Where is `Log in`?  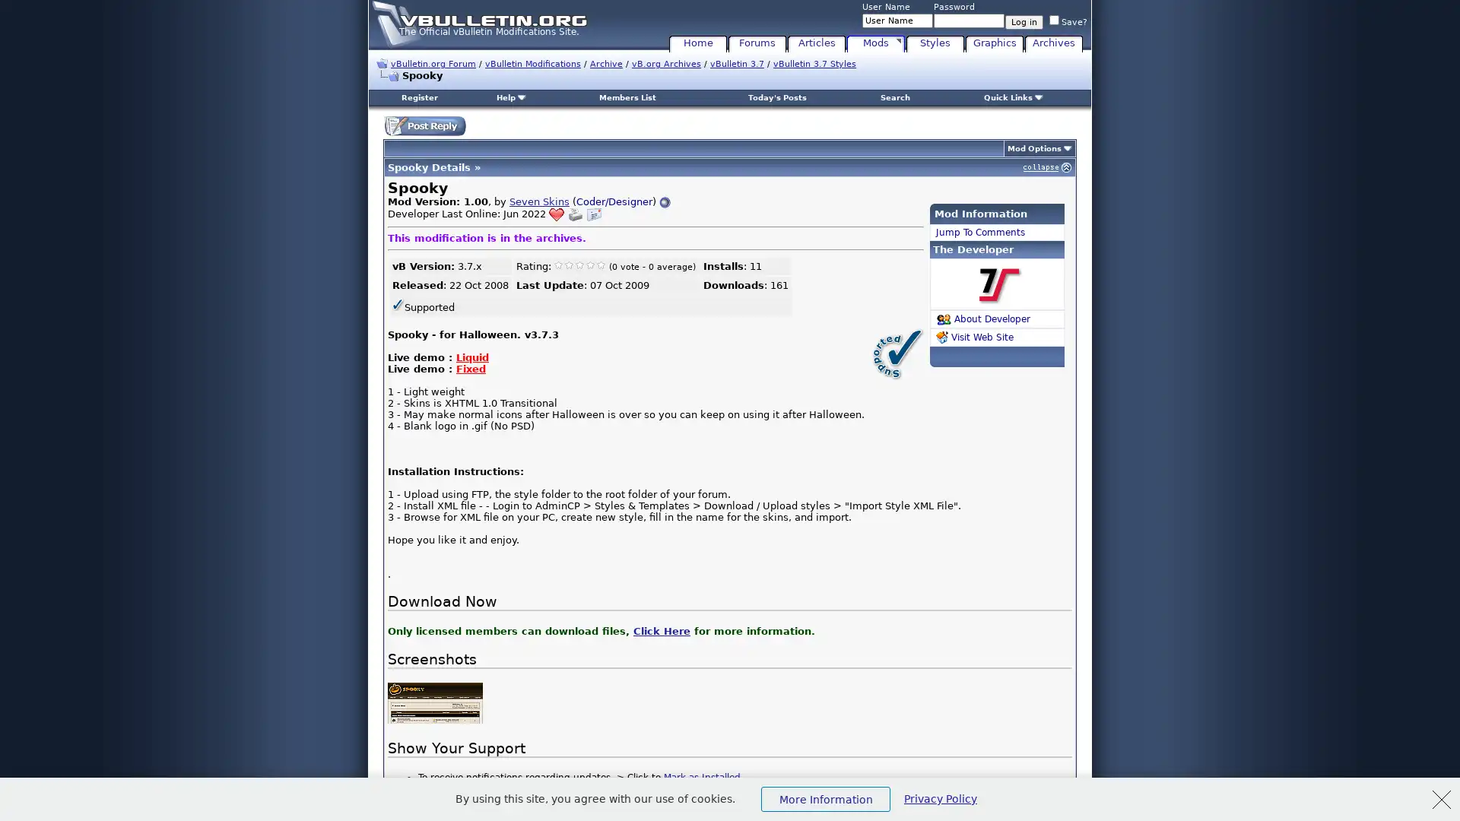
Log in is located at coordinates (1024, 21).